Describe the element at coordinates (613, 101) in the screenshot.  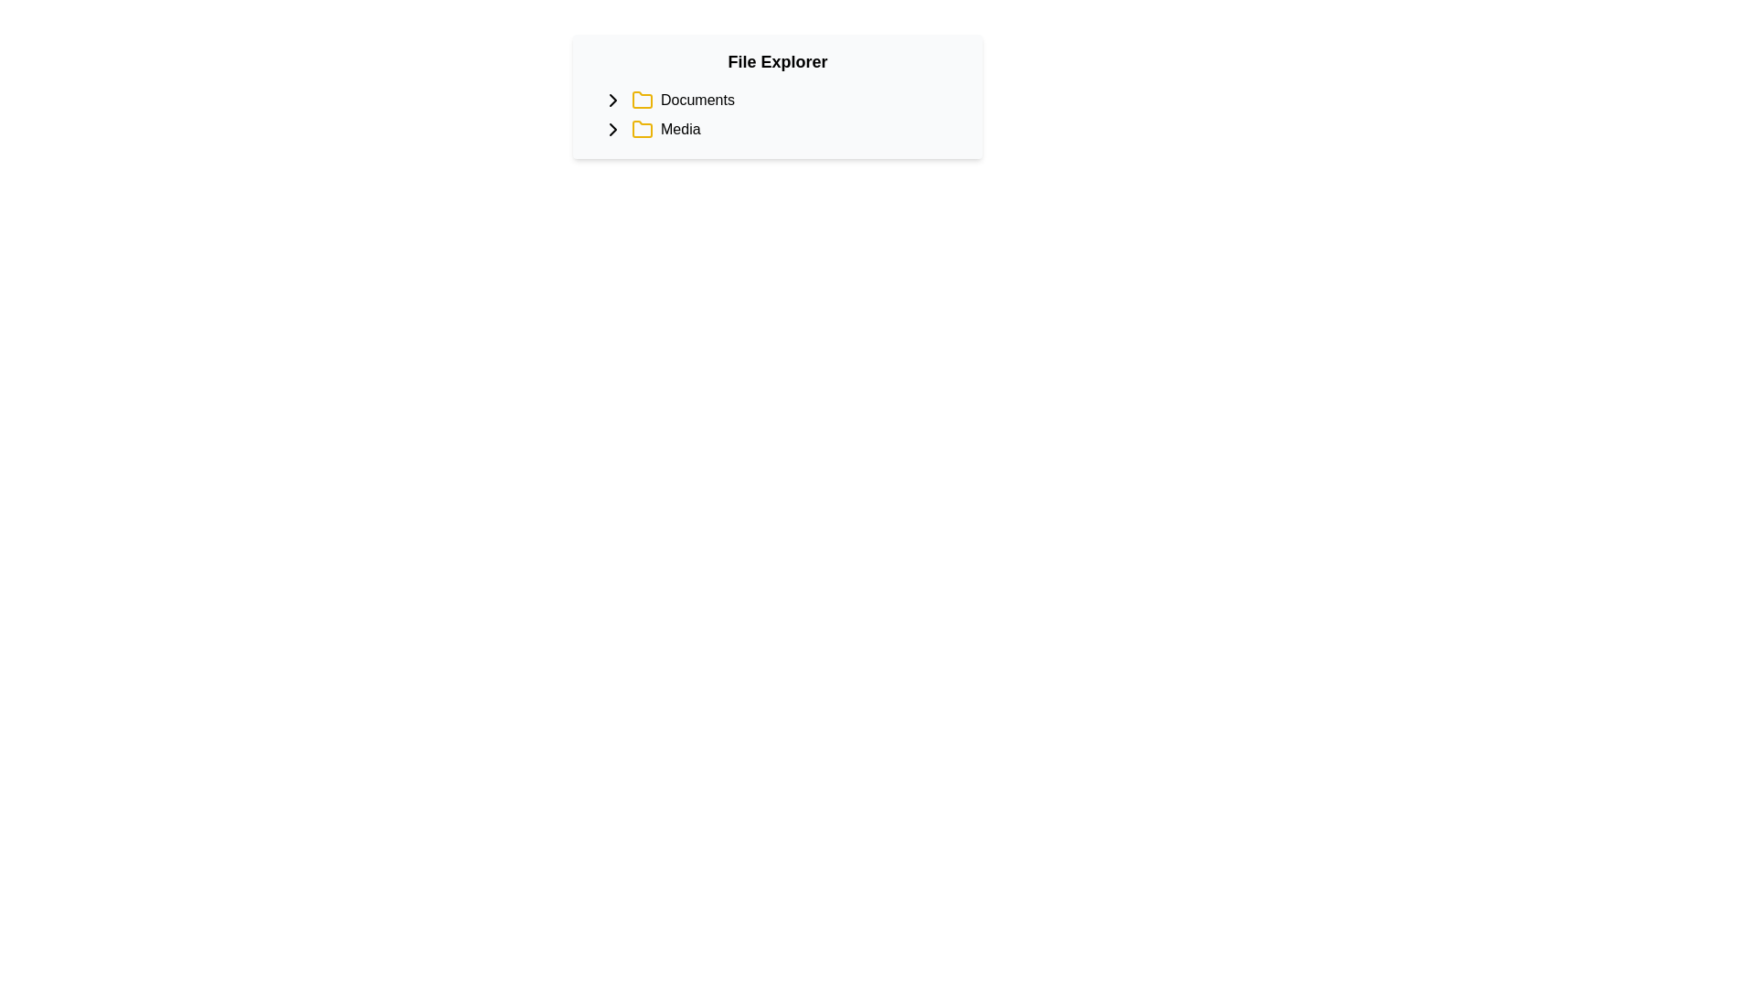
I see `the rightward arrow icon` at that location.